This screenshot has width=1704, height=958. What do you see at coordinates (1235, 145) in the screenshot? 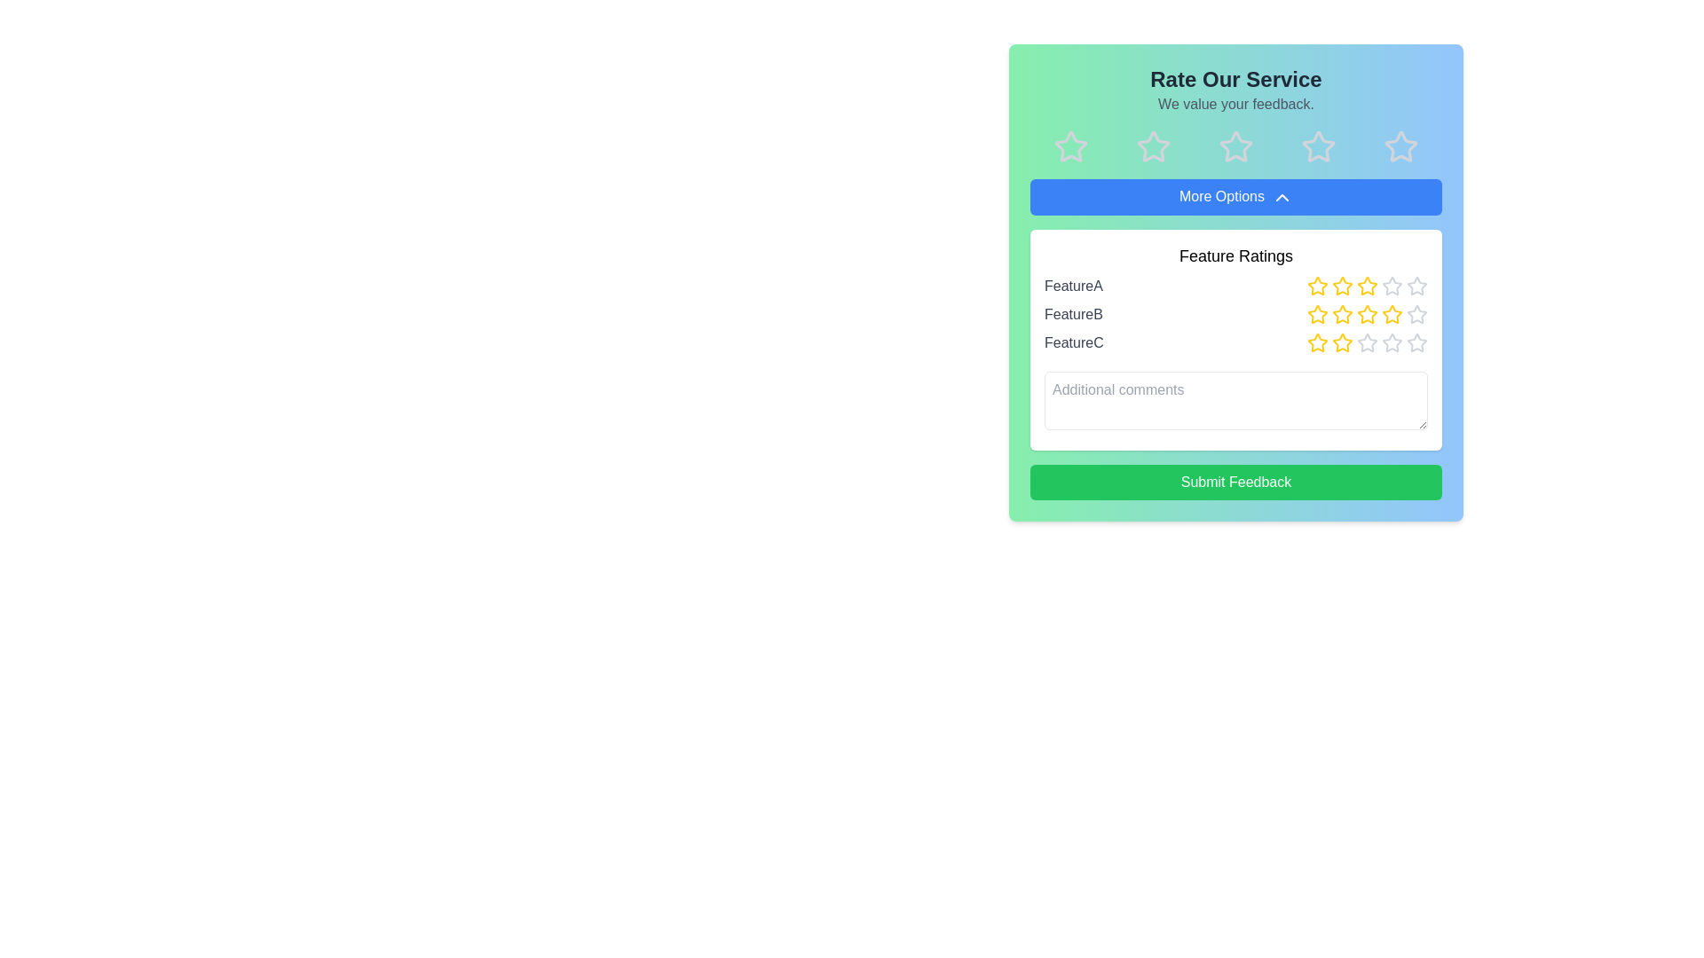
I see `the star icon in the Rating element located under the text 'We value your feedback.'` at bounding box center [1235, 145].